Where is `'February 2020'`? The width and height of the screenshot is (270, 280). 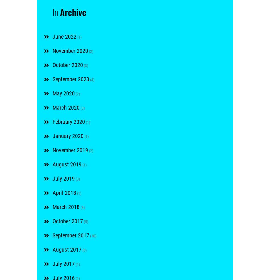 'February 2020' is located at coordinates (68, 122).